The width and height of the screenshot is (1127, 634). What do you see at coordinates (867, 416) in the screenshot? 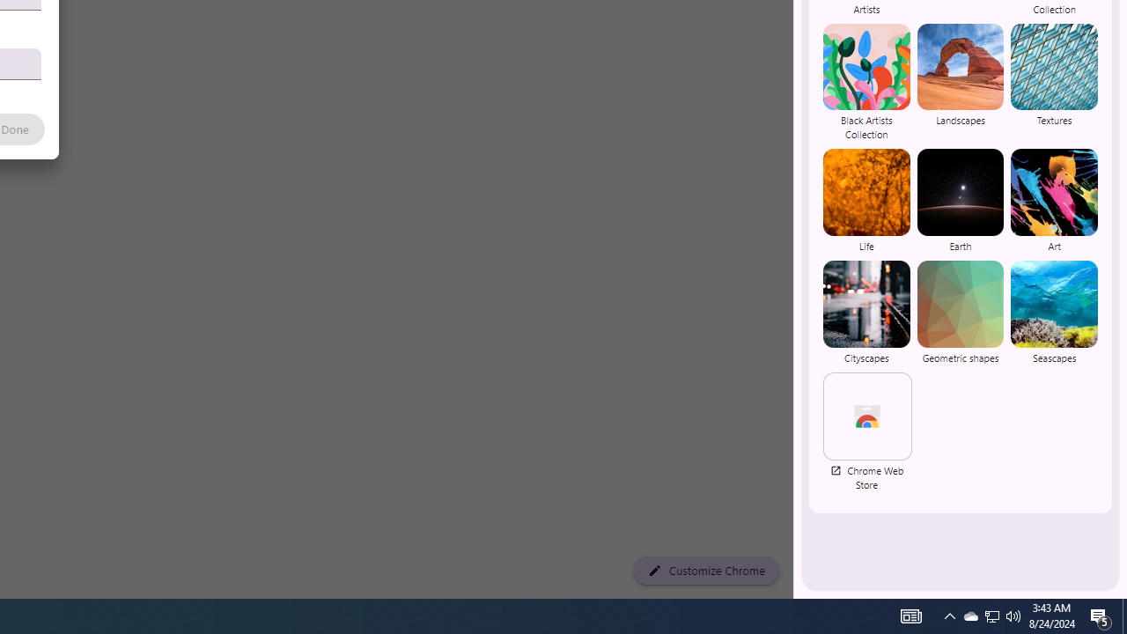
I see `'AutomationID: chromeWebStore'` at bounding box center [867, 416].